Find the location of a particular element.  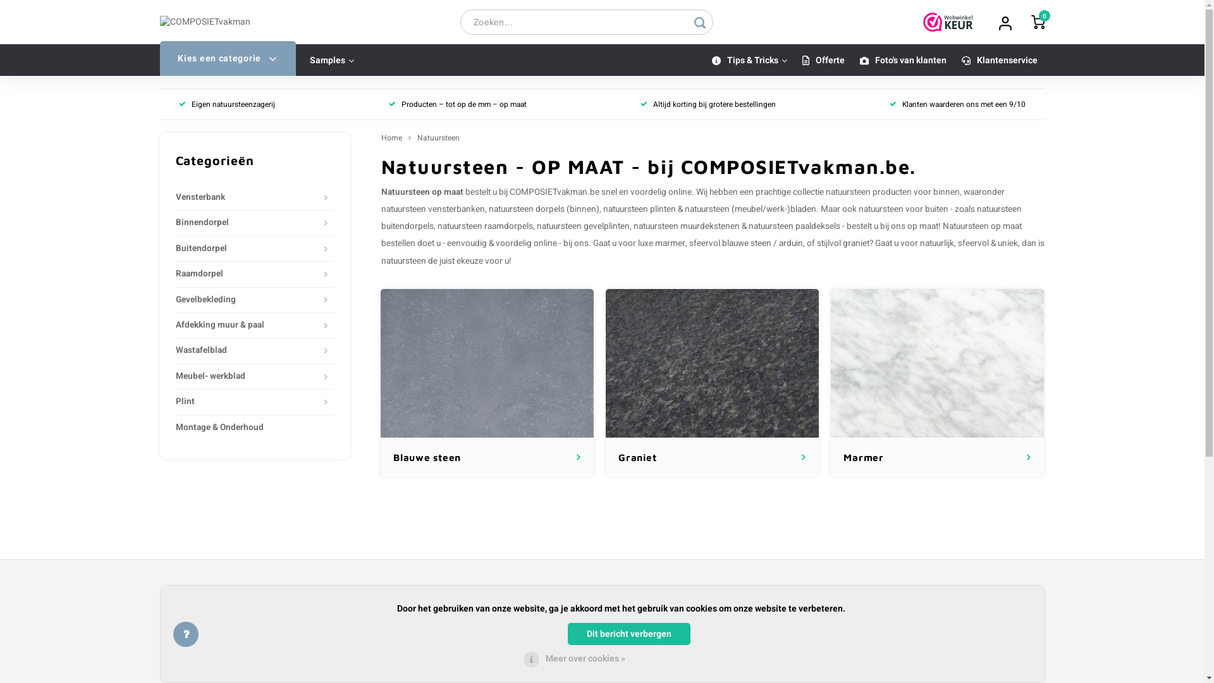

'Marmer' is located at coordinates (937, 363).